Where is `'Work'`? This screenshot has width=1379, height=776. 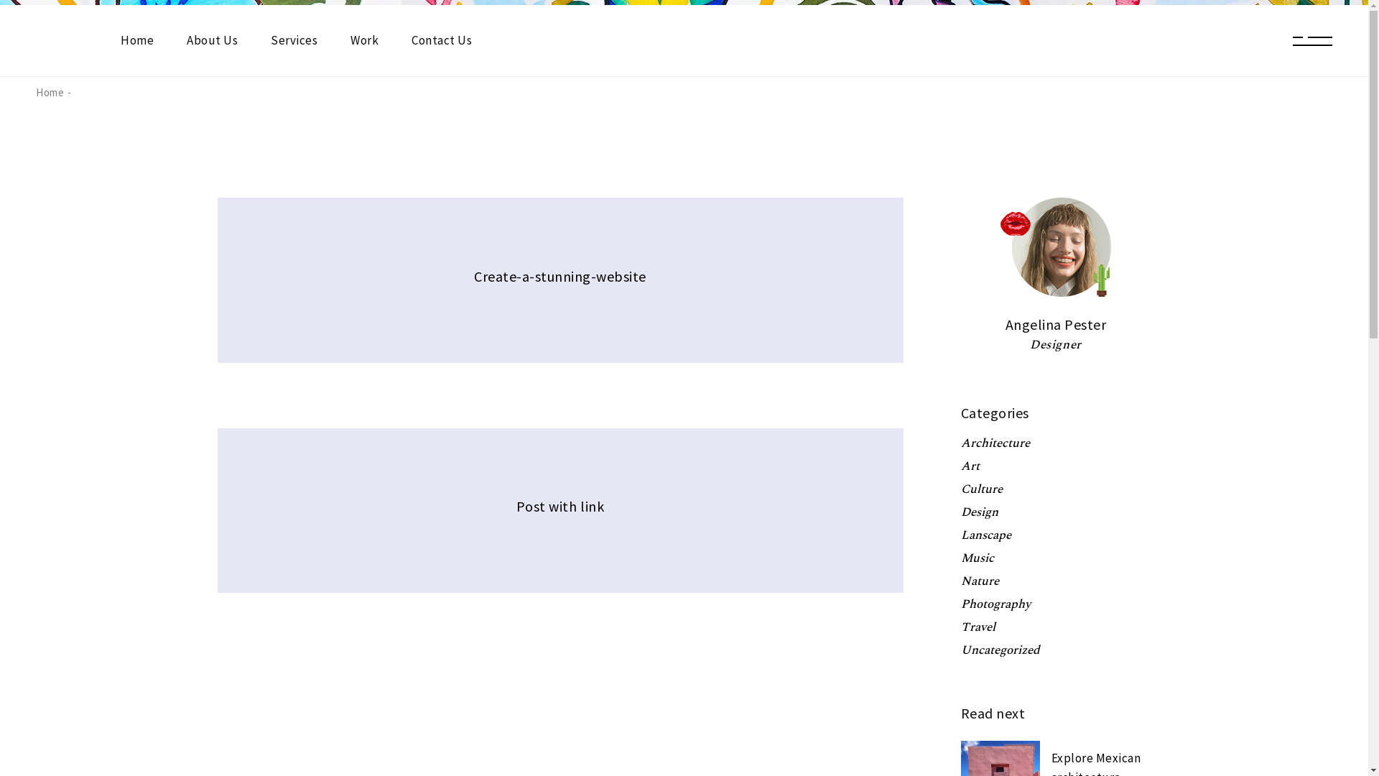 'Work' is located at coordinates (364, 40).